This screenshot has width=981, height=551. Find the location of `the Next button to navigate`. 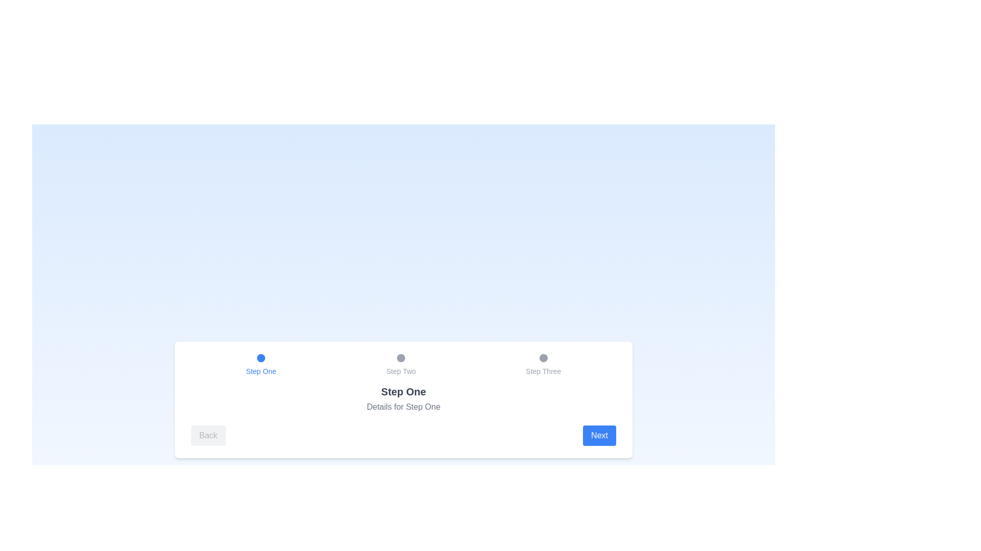

the Next button to navigate is located at coordinates (599, 435).